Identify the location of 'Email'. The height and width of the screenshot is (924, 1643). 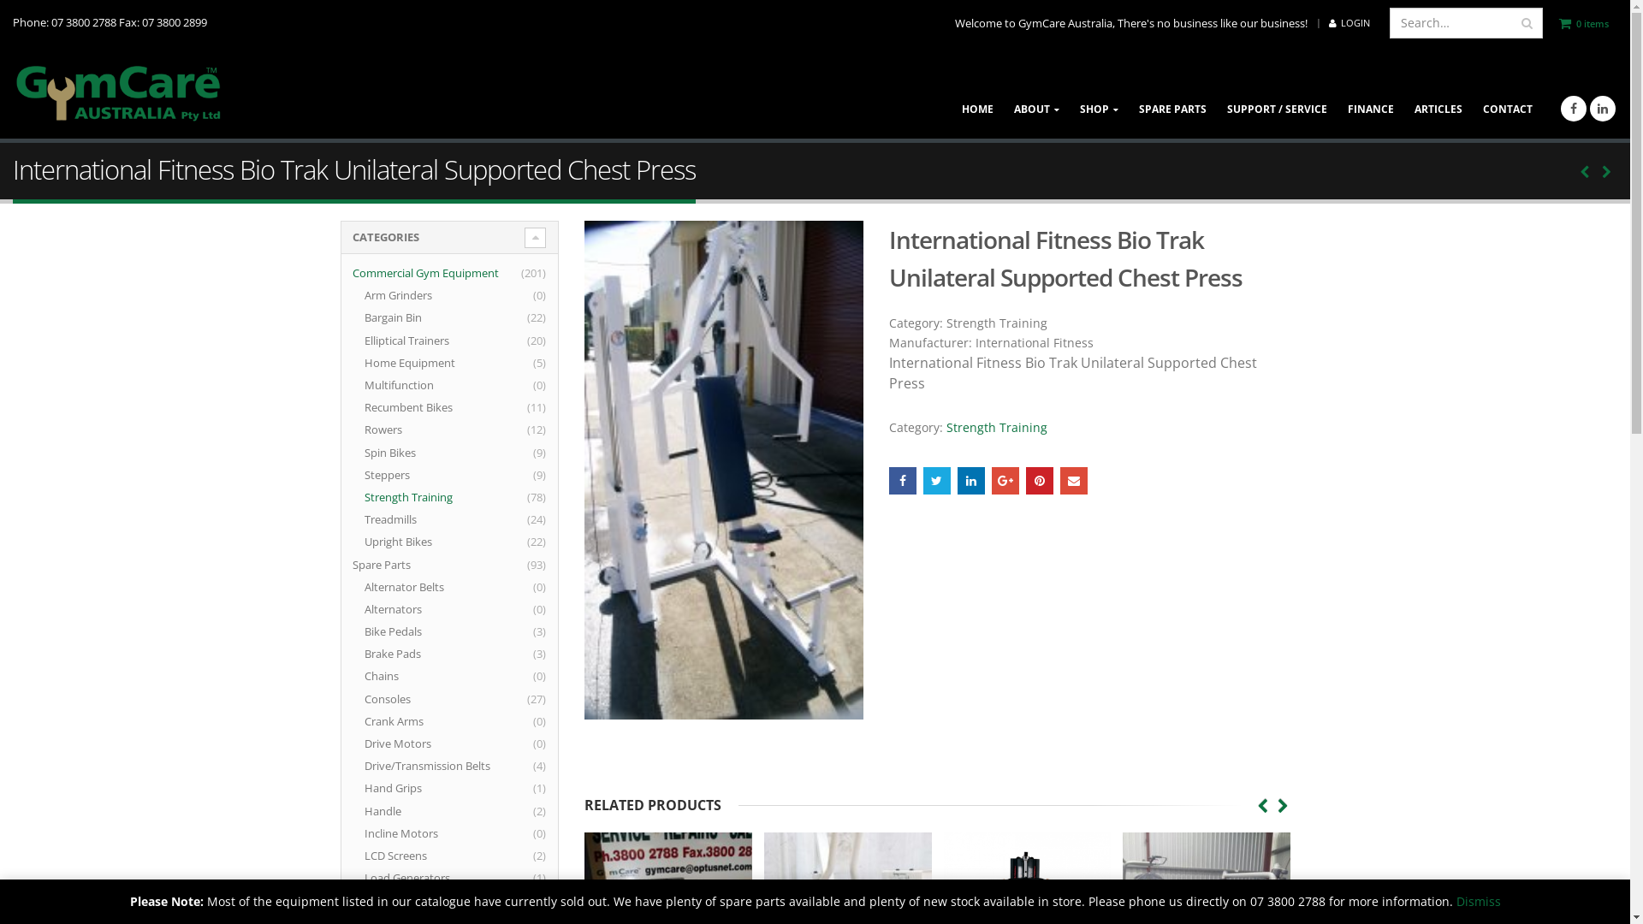
(1059, 481).